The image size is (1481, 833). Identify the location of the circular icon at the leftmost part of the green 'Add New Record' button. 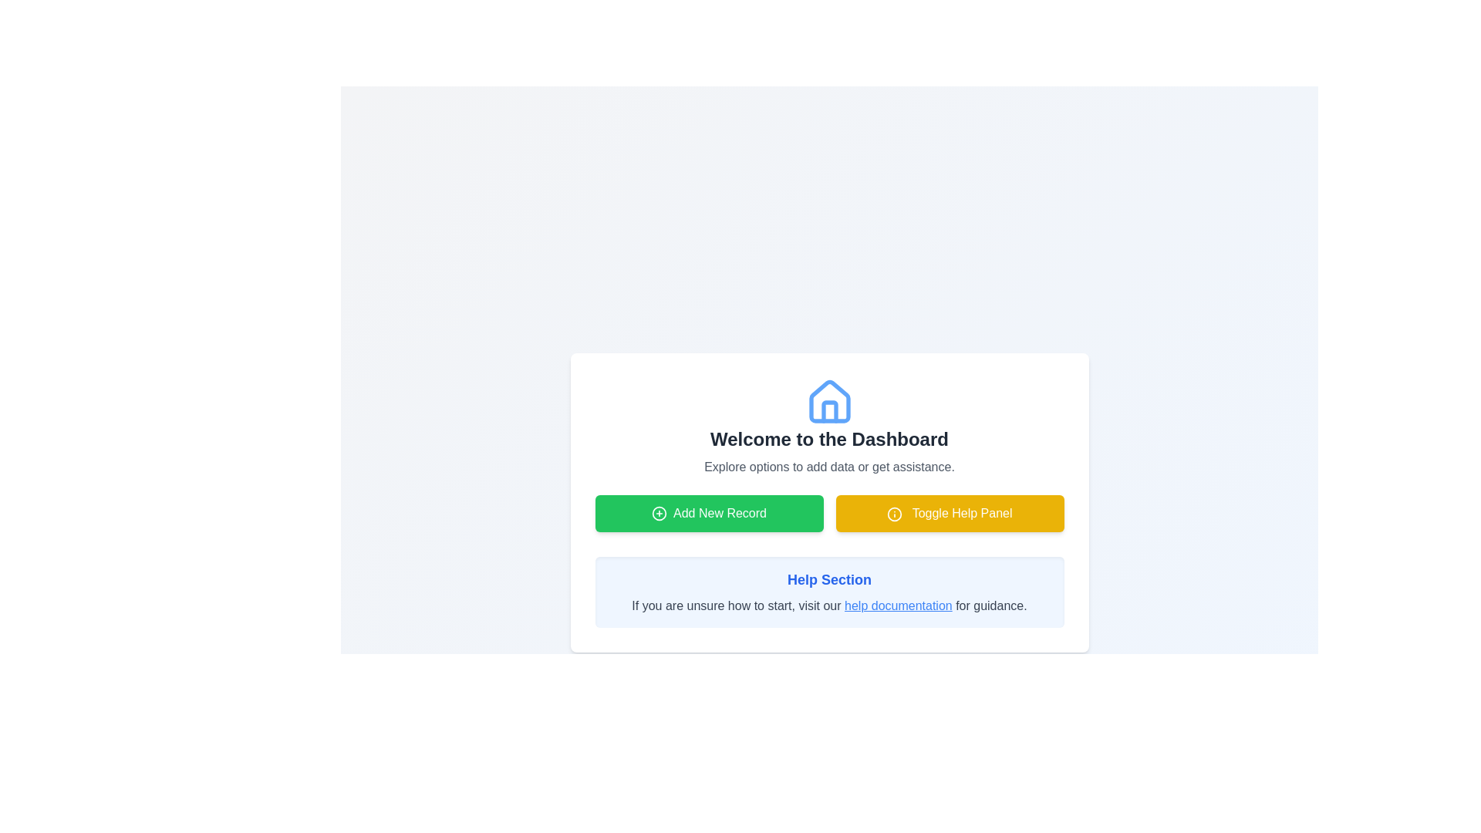
(659, 514).